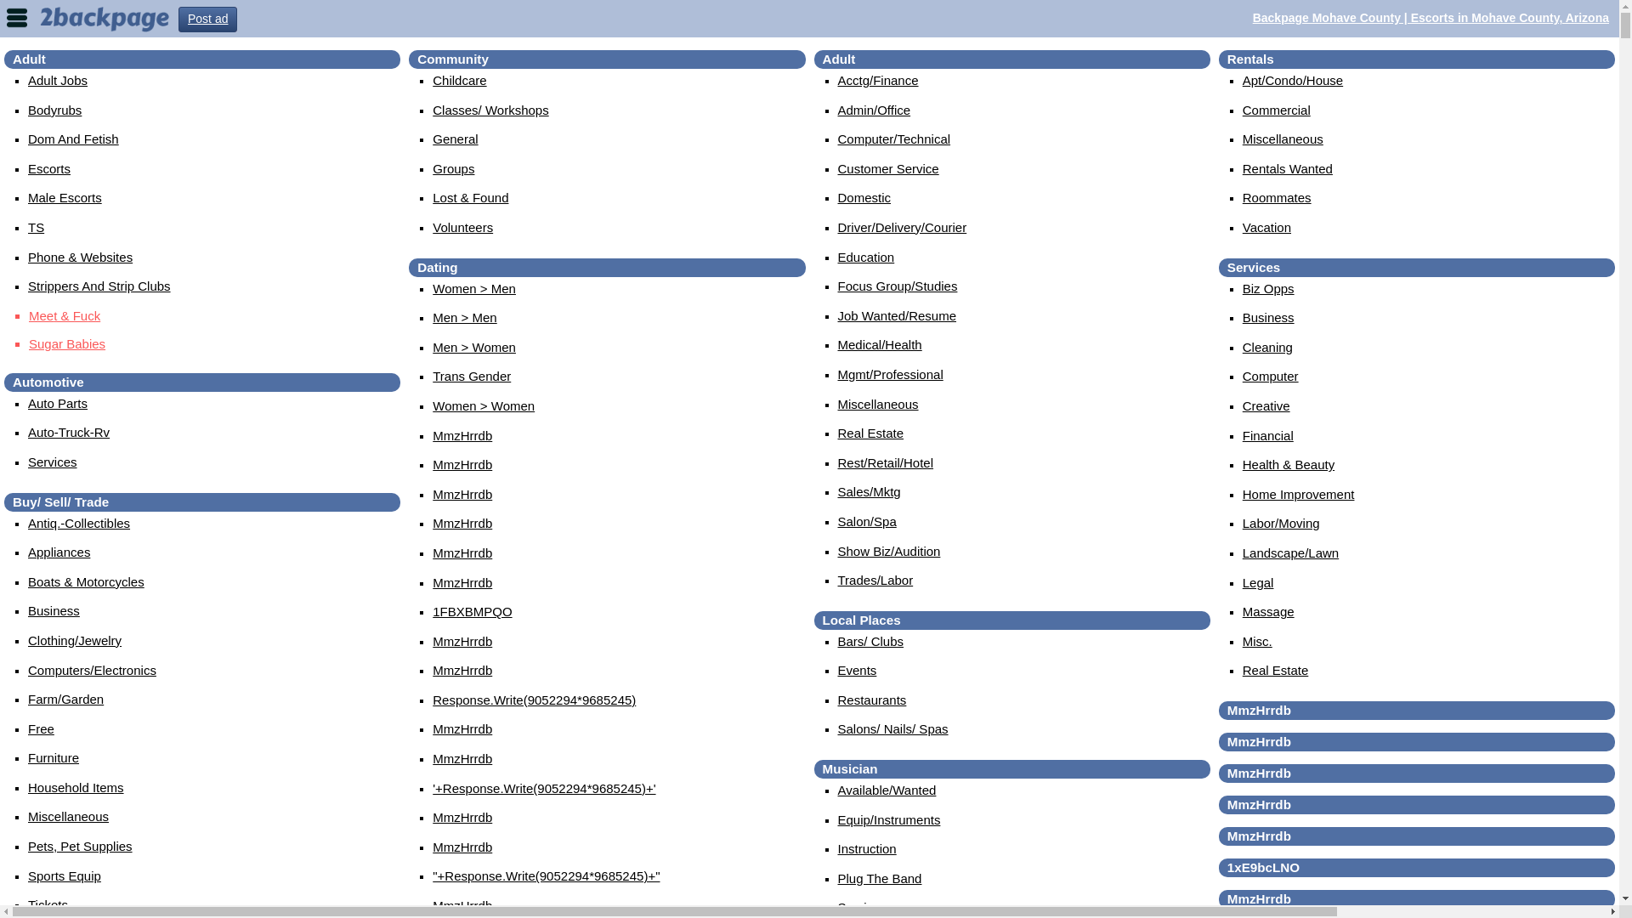  Describe the element at coordinates (85, 581) in the screenshot. I see `'Boats & Motorcycles'` at that location.